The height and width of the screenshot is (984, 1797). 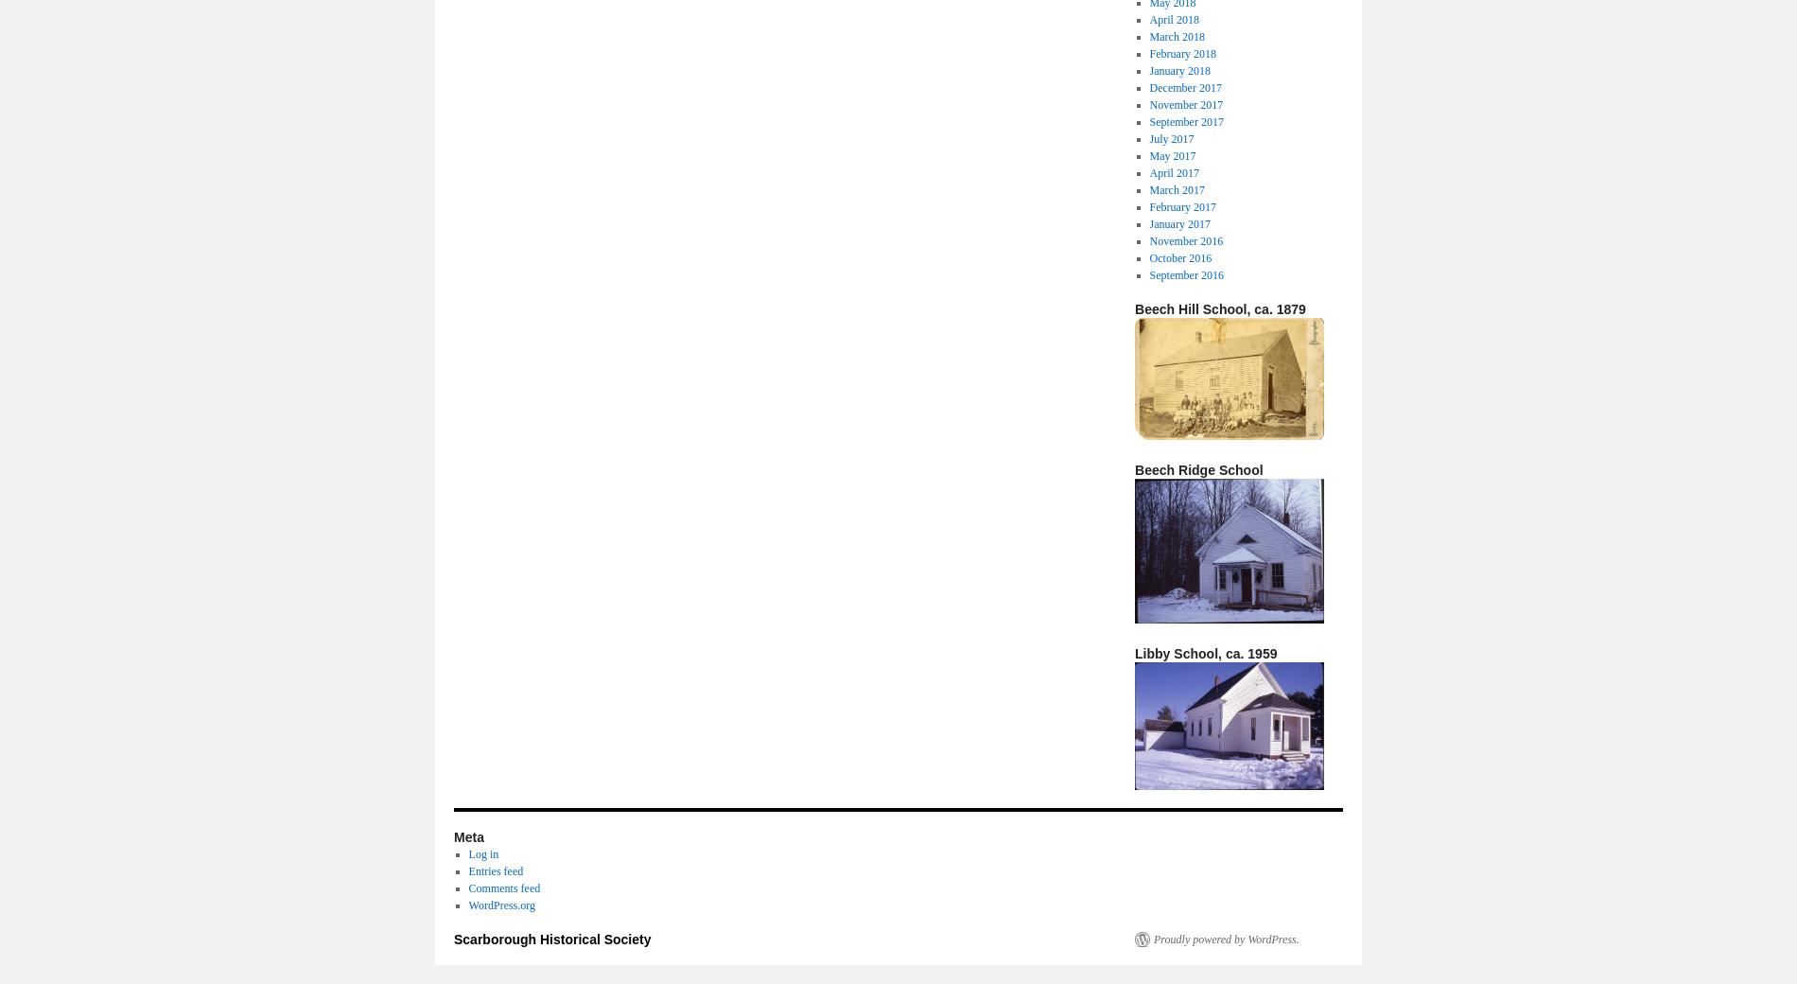 I want to click on 'February 2017', so click(x=1181, y=207).